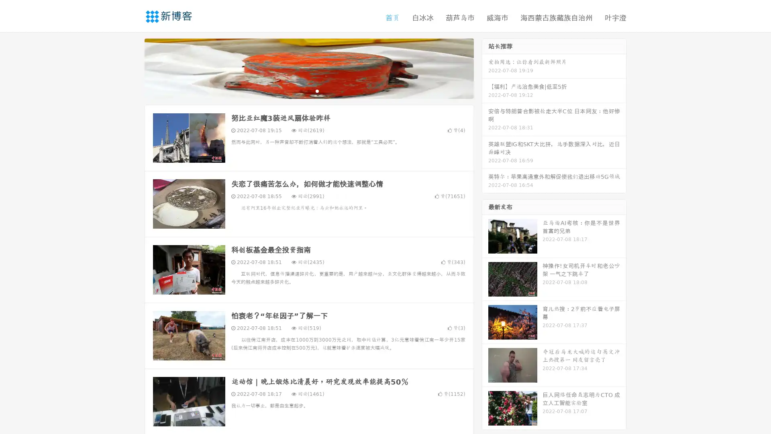  Describe the element at coordinates (485, 68) in the screenshot. I see `Next slide` at that location.